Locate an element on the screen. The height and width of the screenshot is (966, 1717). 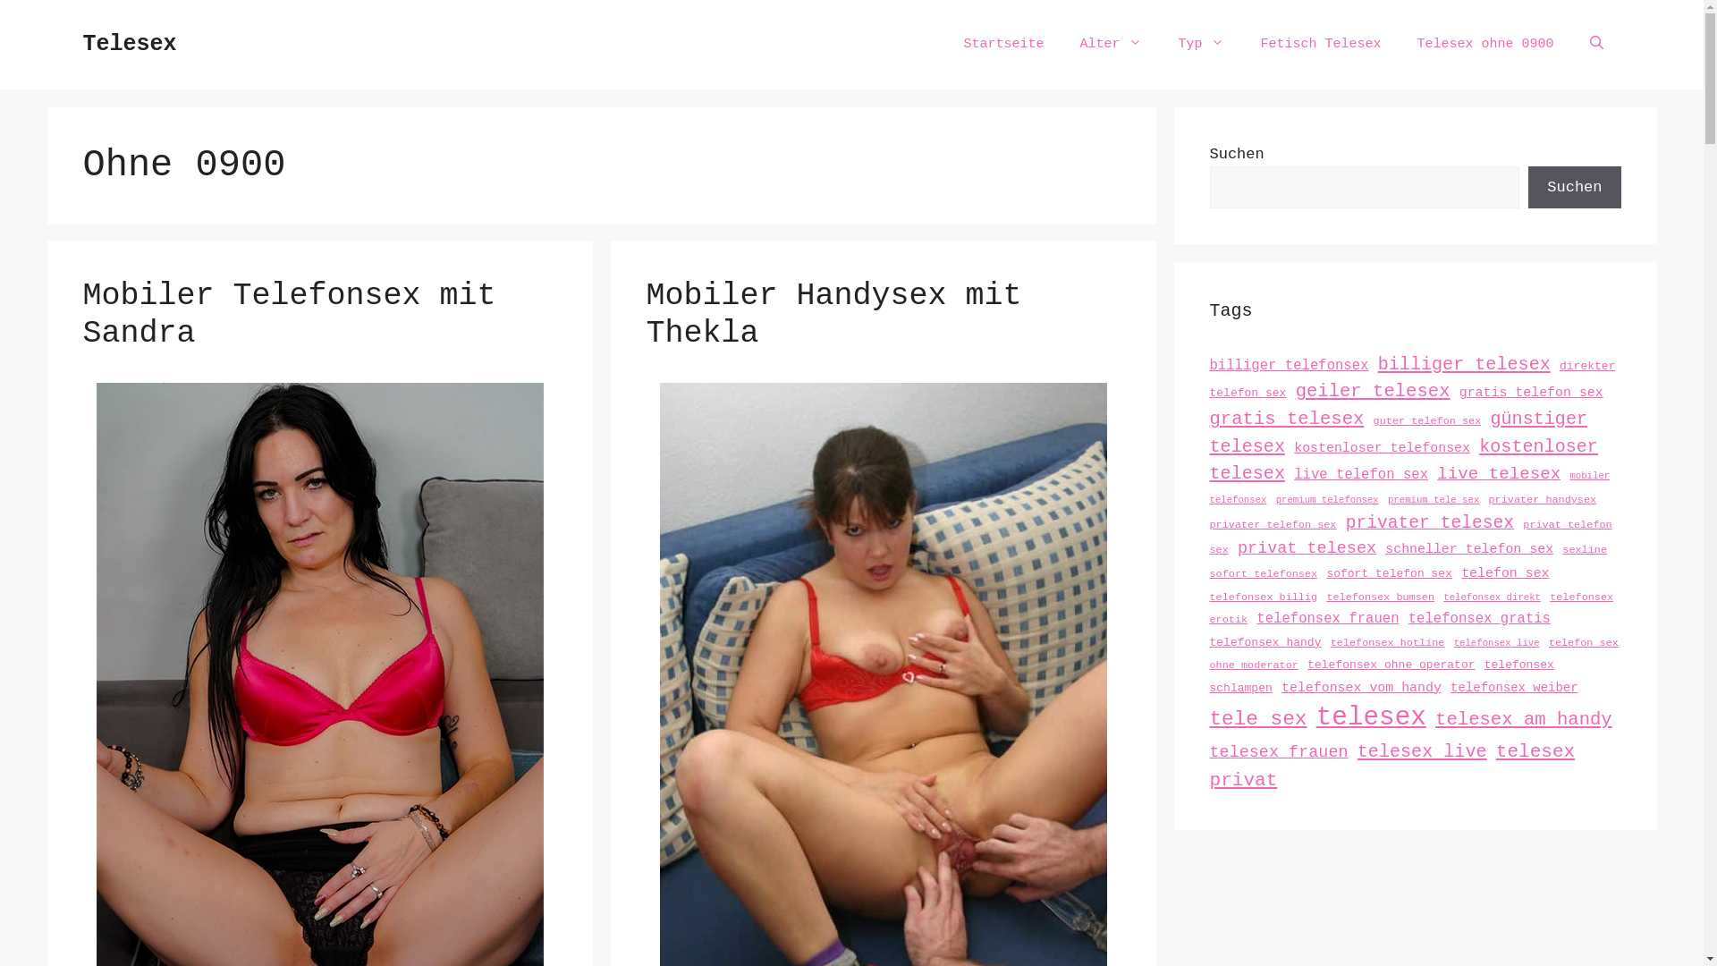
'geiler telesex' is located at coordinates (1372, 390).